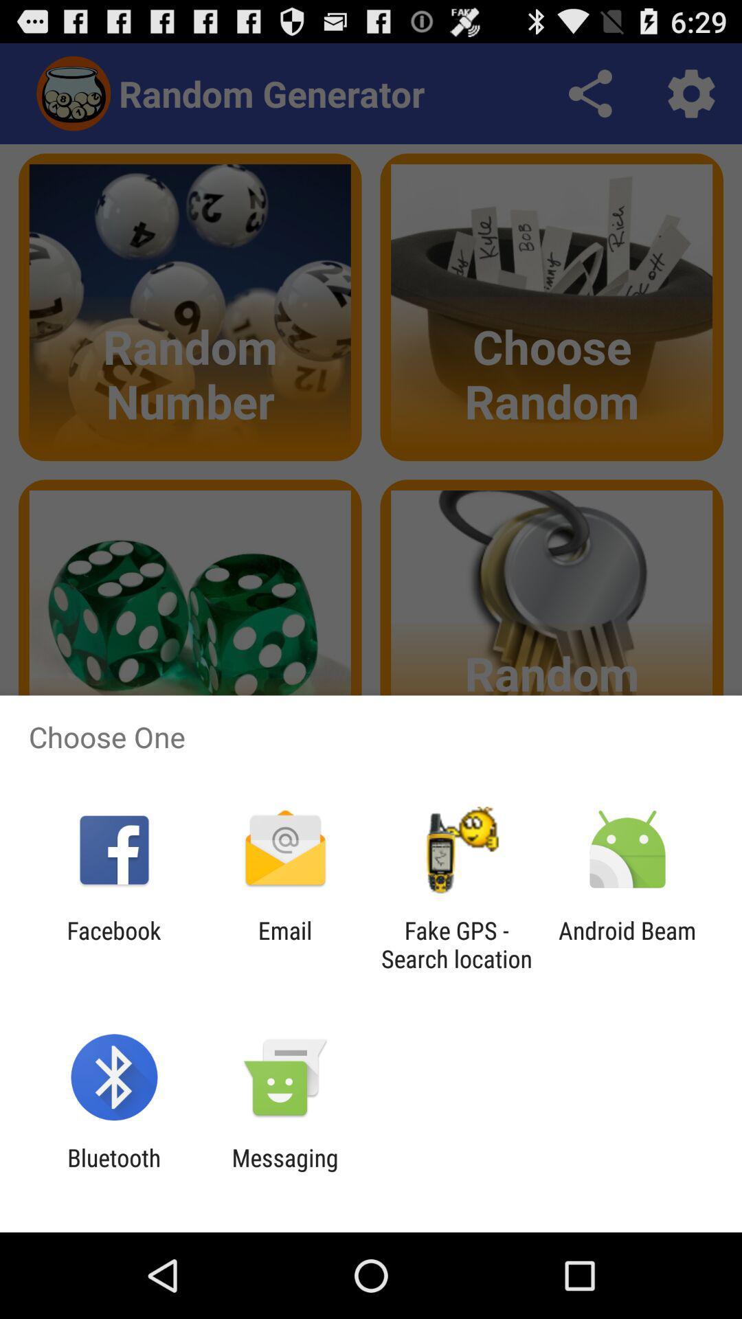  What do you see at coordinates (456, 944) in the screenshot?
I see `the item next to the android beam` at bounding box center [456, 944].